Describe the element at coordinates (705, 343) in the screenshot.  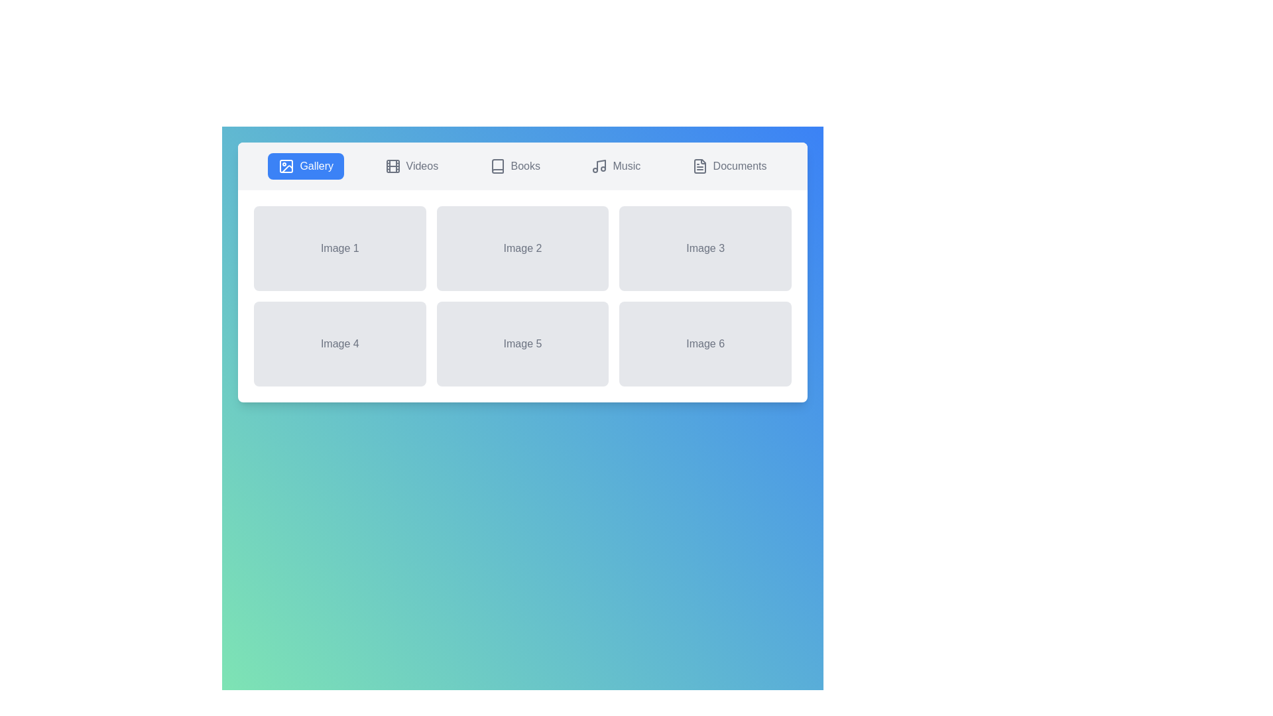
I see `the media placeholder tile located in the bottom-right corner of a 3x2 grid layout` at that location.